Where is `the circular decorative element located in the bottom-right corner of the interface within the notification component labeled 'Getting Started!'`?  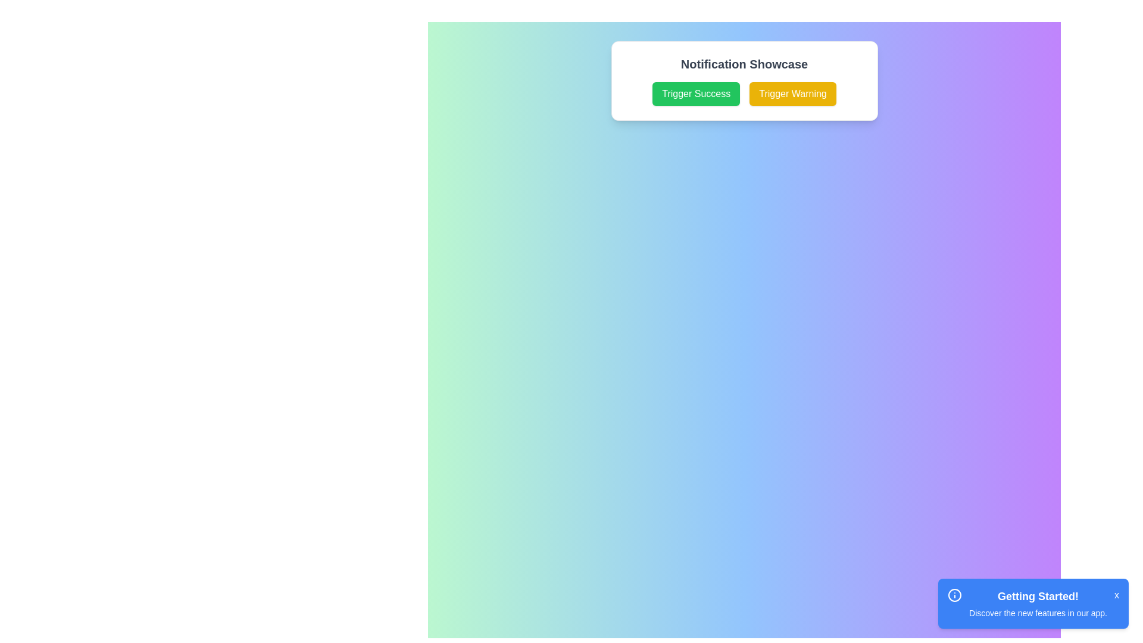 the circular decorative element located in the bottom-right corner of the interface within the notification component labeled 'Getting Started!' is located at coordinates (955, 595).